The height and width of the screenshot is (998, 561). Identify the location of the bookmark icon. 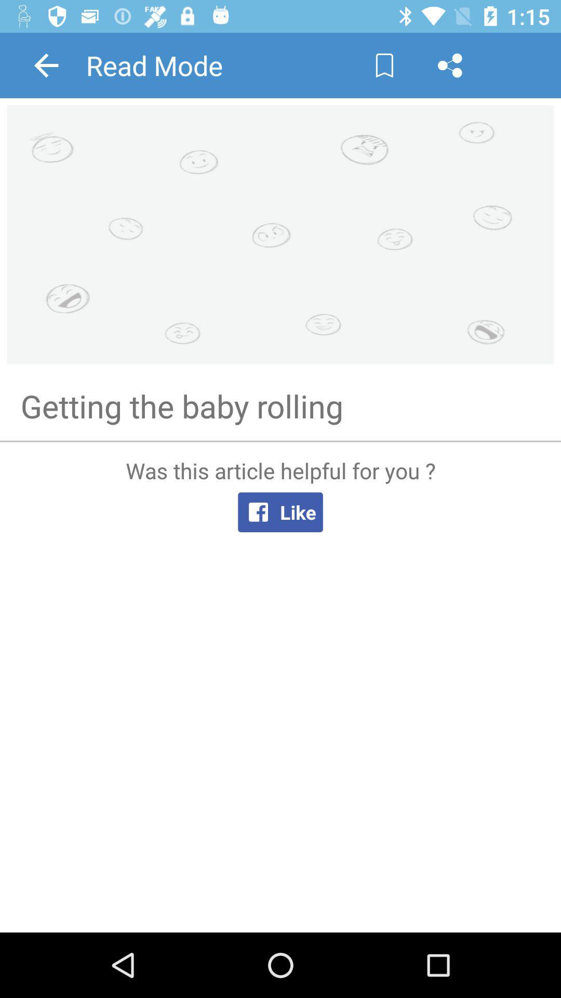
(384, 64).